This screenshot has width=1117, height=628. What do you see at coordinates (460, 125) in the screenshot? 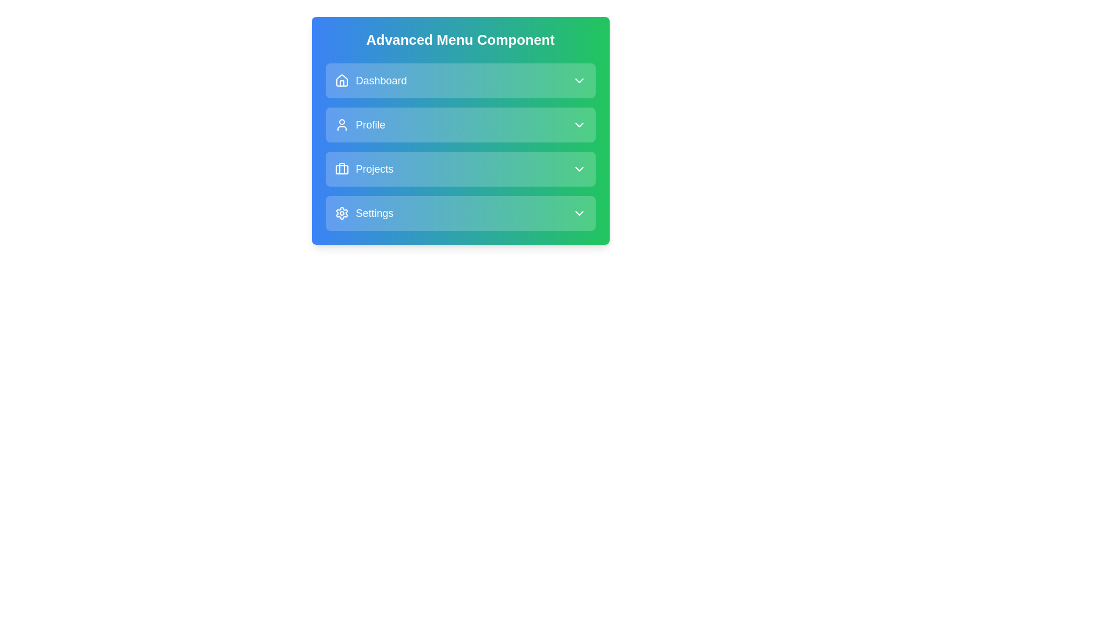
I see `the 'Profile' menu item in the navigation menu for keyboard navigation` at bounding box center [460, 125].